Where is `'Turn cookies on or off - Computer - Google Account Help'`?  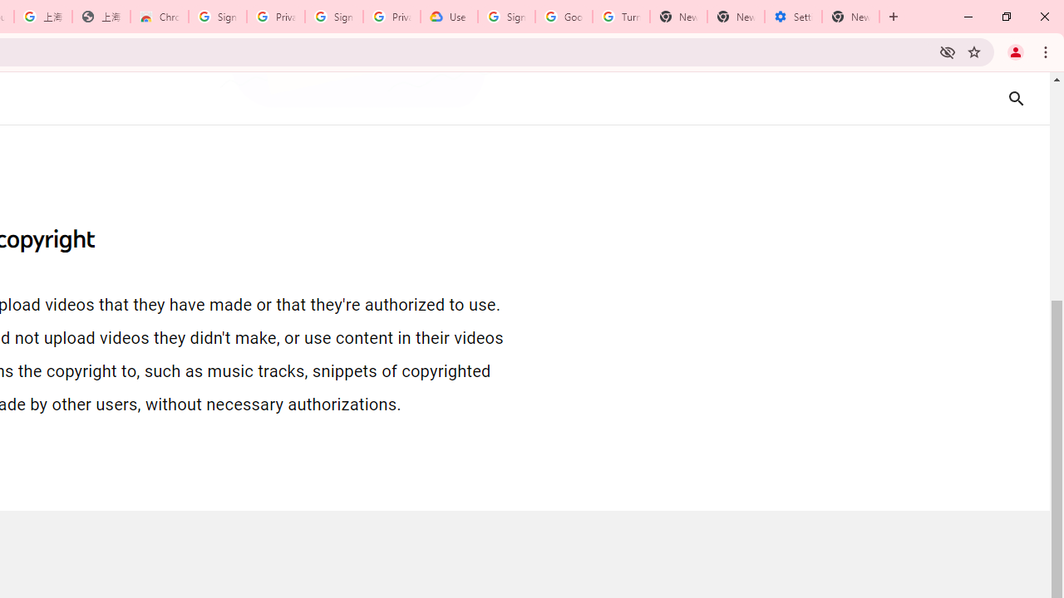
'Turn cookies on or off - Computer - Google Account Help' is located at coordinates (620, 17).